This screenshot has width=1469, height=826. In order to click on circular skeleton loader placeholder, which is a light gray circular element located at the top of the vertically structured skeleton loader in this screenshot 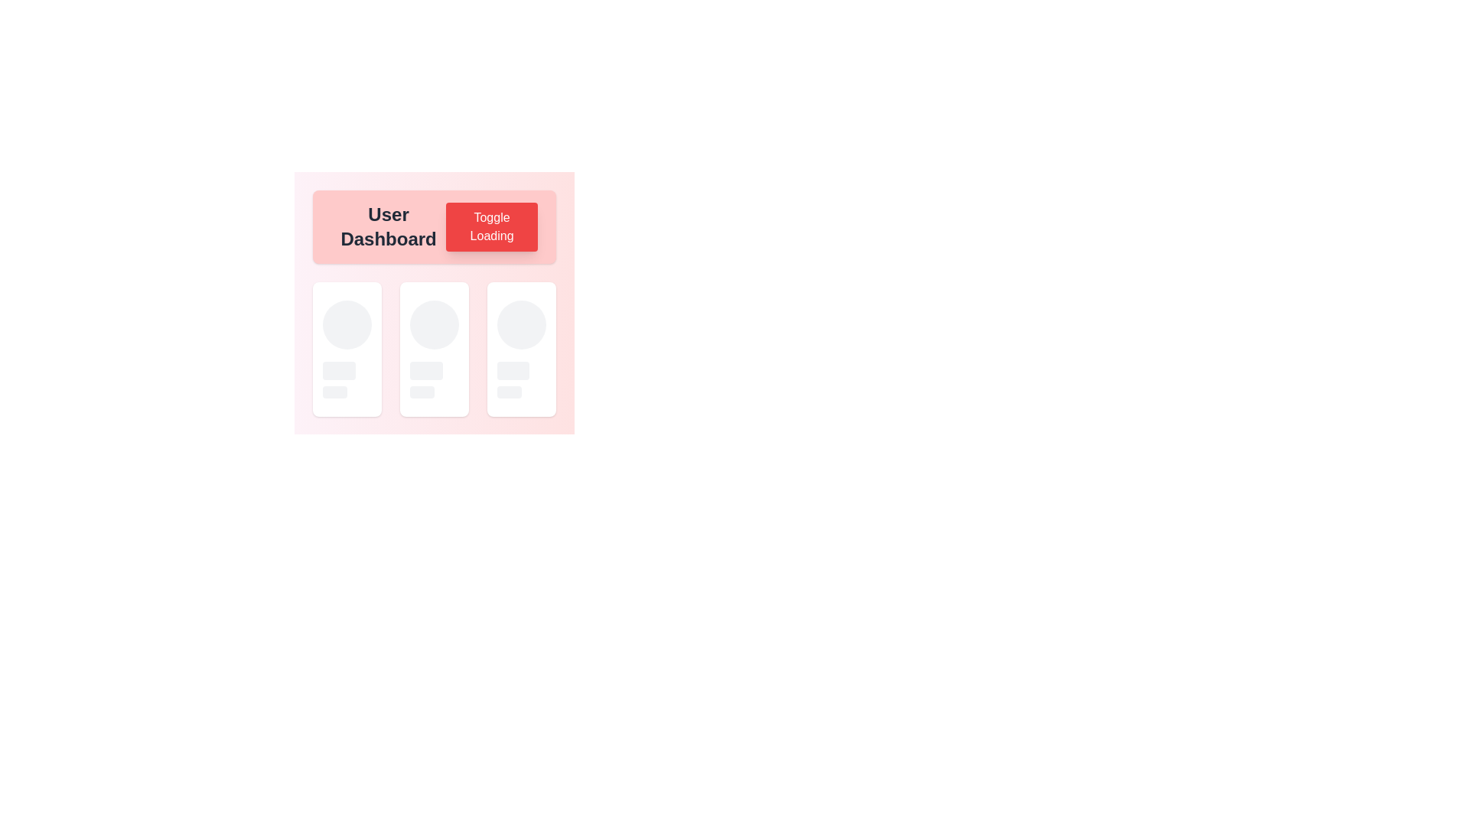, I will do `click(347, 324)`.